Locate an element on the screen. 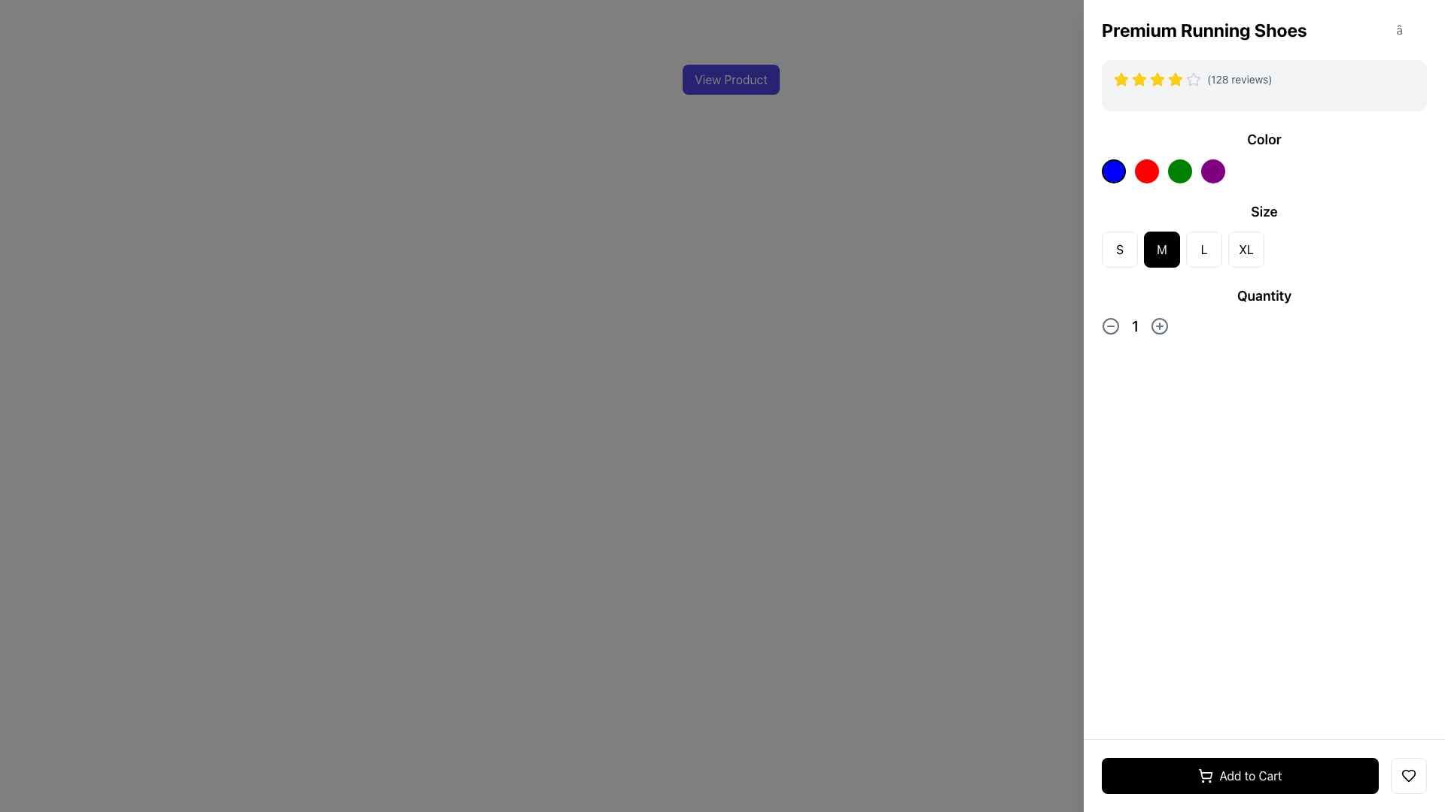 The width and height of the screenshot is (1445, 812). the square button labeled 'S' with a white background and a black 'S' for keyboard navigation is located at coordinates (1120, 248).